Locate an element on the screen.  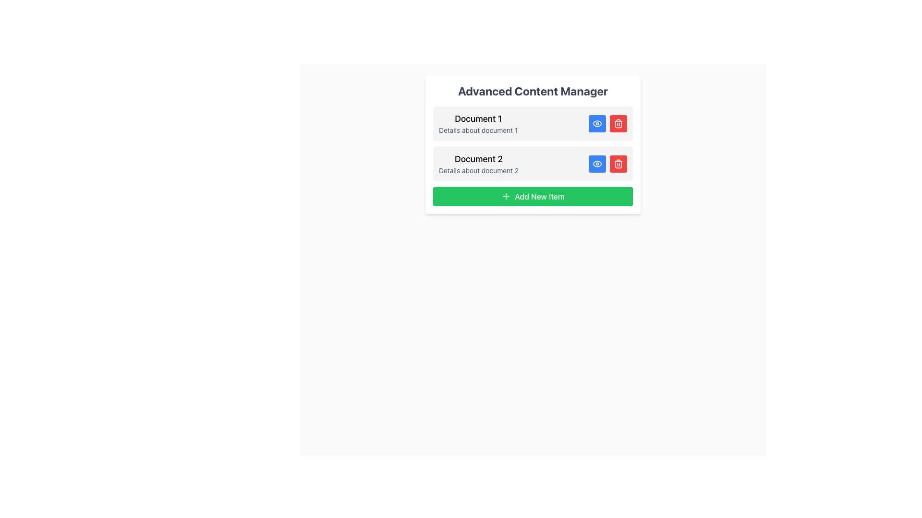
the trash icon element, which is a rectangular shape with rounded corners, colored red, located on the right side of 'Document 2' in the Advanced Content Manager UI is located at coordinates (618, 164).